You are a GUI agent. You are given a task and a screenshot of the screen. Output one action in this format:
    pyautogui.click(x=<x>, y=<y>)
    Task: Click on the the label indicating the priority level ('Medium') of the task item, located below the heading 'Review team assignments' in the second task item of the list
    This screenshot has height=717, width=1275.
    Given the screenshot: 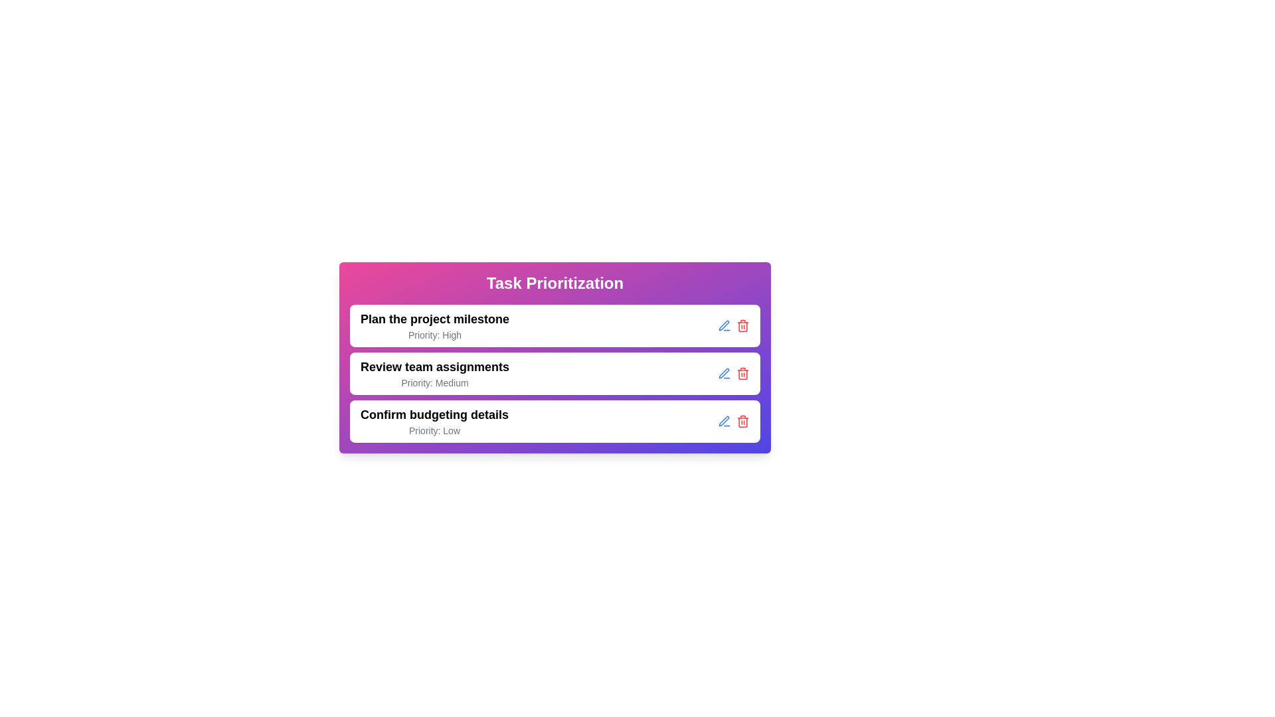 What is the action you would take?
    pyautogui.click(x=435, y=383)
    